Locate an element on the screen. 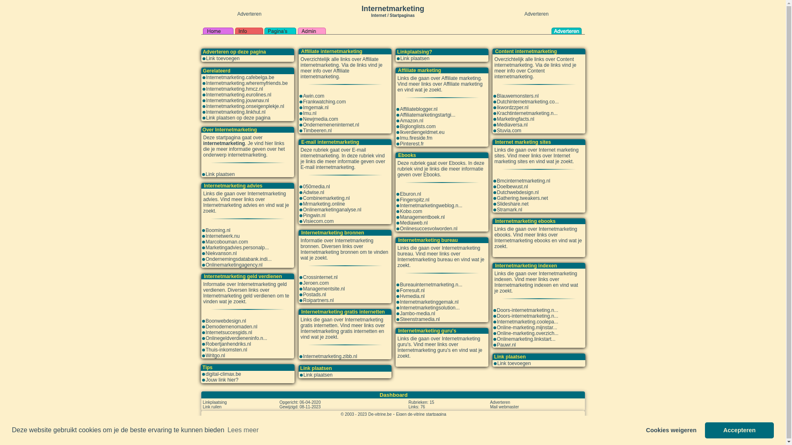 Image resolution: width=792 pixels, height=445 pixels. 'Crossinternet.nl' is located at coordinates (320, 277).